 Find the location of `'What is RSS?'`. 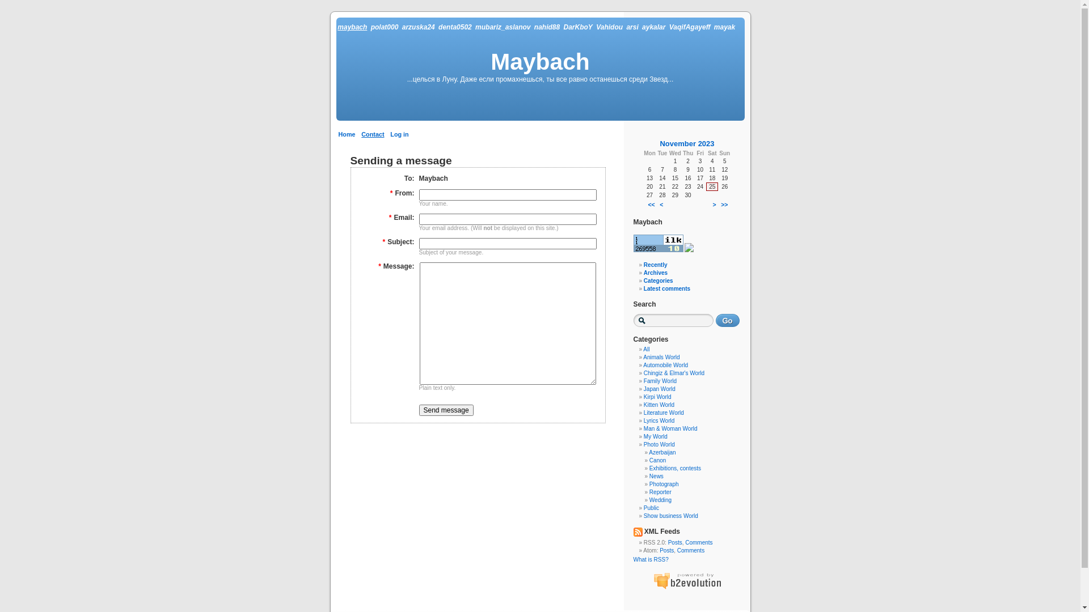

'What is RSS?' is located at coordinates (651, 559).